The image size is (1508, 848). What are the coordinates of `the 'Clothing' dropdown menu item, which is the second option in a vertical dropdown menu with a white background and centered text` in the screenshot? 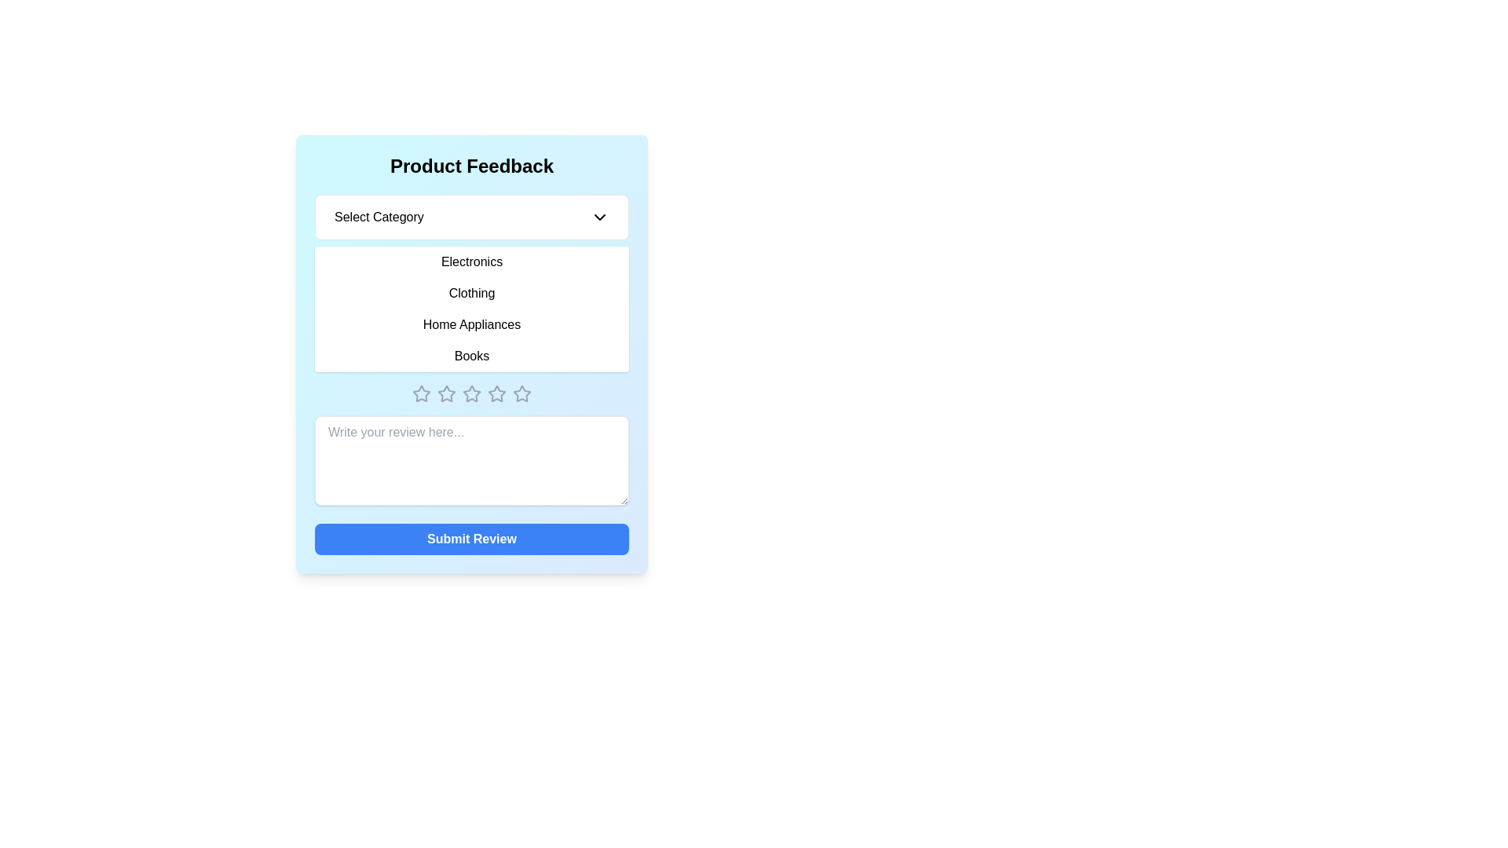 It's located at (470, 294).